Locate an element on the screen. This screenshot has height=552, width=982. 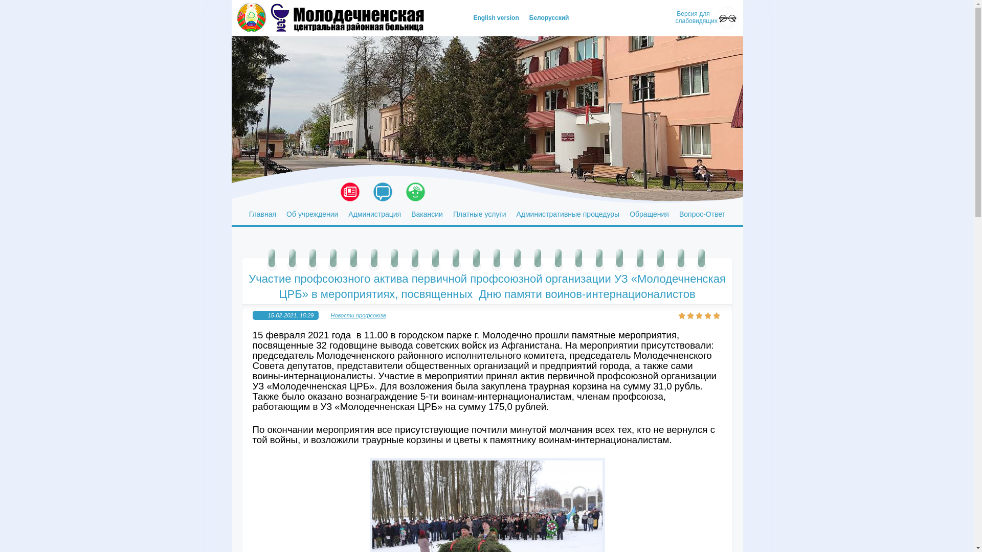
'3' is located at coordinates (699, 315).